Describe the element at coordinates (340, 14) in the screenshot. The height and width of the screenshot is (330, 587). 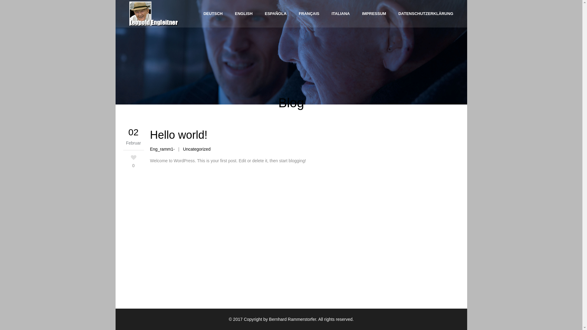
I see `'ITALIANA'` at that location.